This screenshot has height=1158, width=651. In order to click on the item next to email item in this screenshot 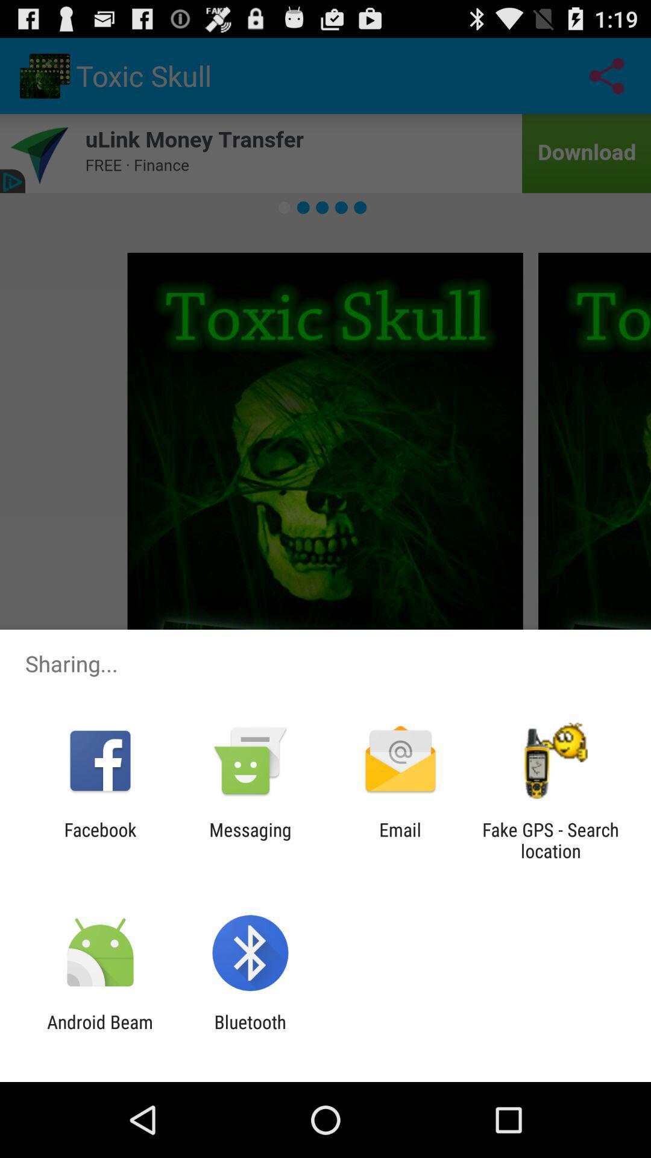, I will do `click(550, 840)`.